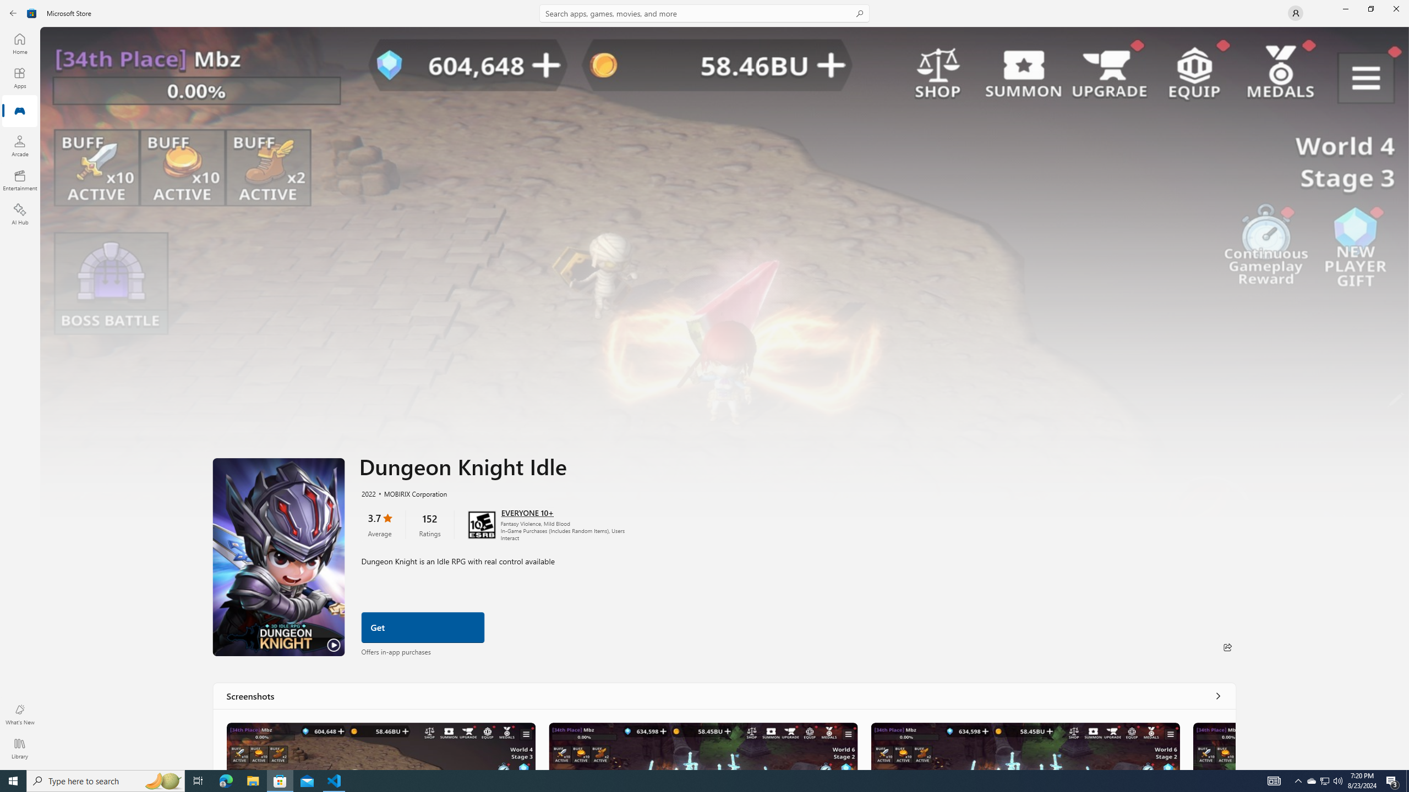  Describe the element at coordinates (1227, 646) in the screenshot. I see `'Share'` at that location.